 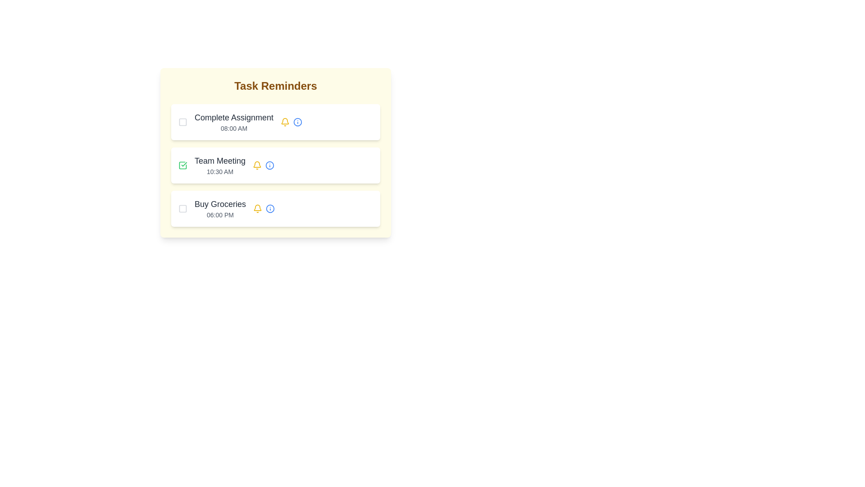 What do you see at coordinates (263, 208) in the screenshot?
I see `the bell icon located on the right side of the 'Buy Groceries' task row in the task reminder list` at bounding box center [263, 208].